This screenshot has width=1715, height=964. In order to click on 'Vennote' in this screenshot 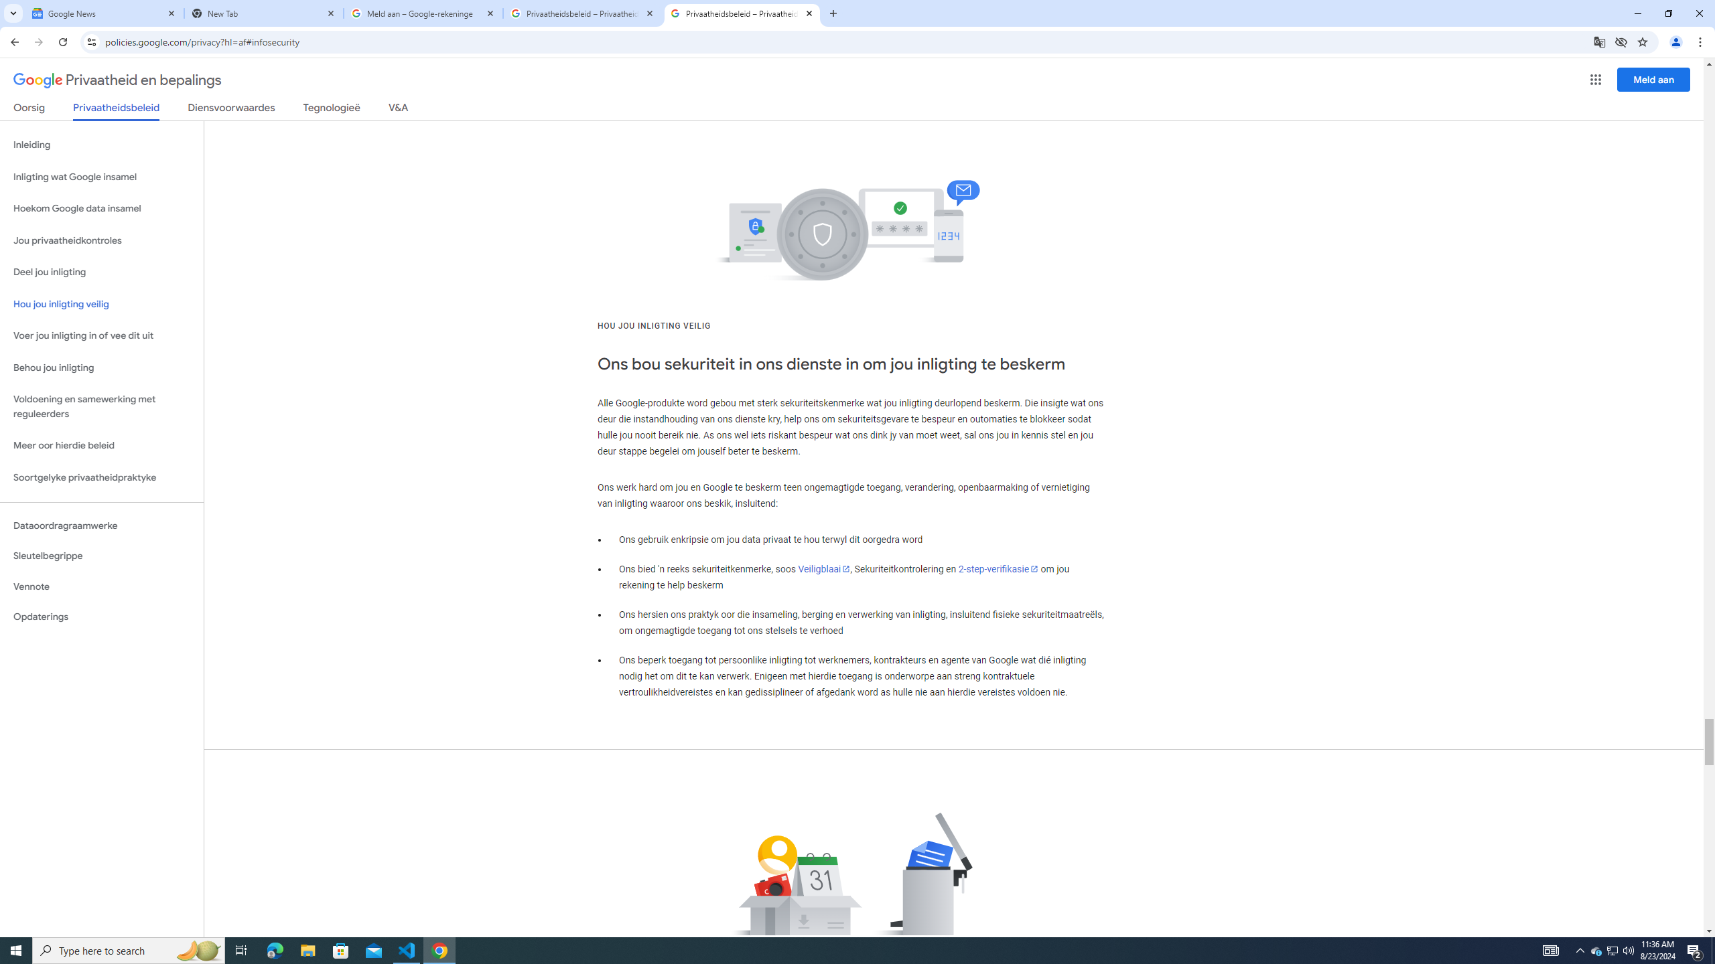, I will do `click(101, 586)`.